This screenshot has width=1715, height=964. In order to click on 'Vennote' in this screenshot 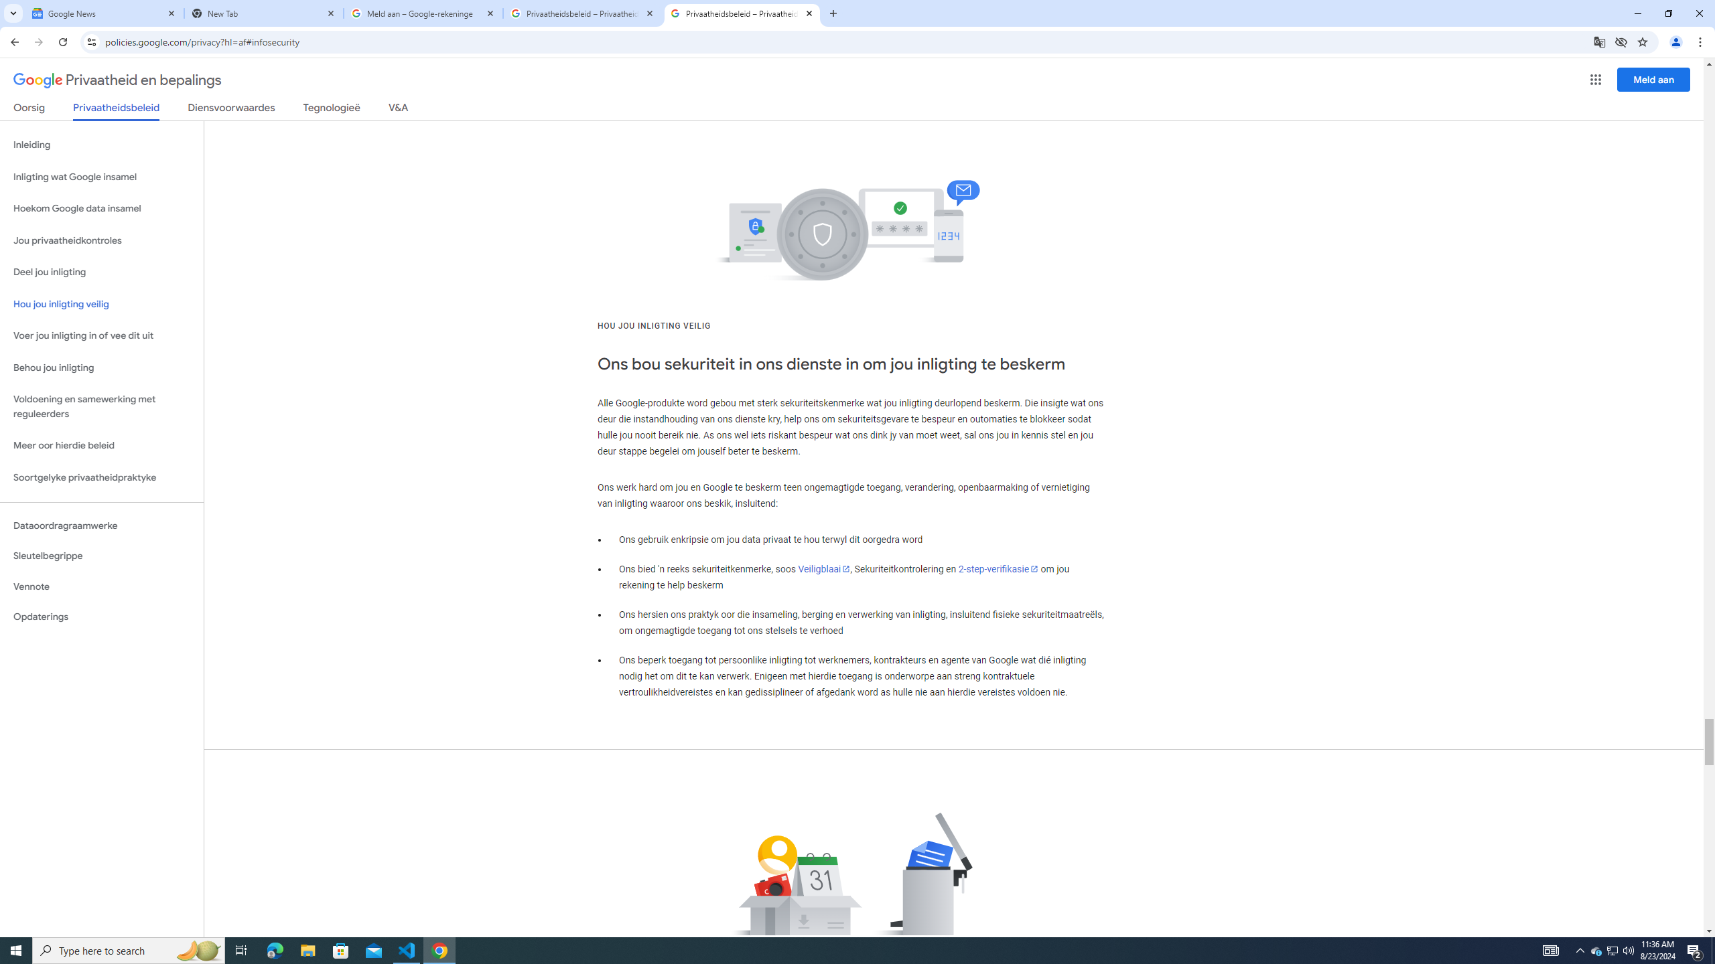, I will do `click(101, 586)`.